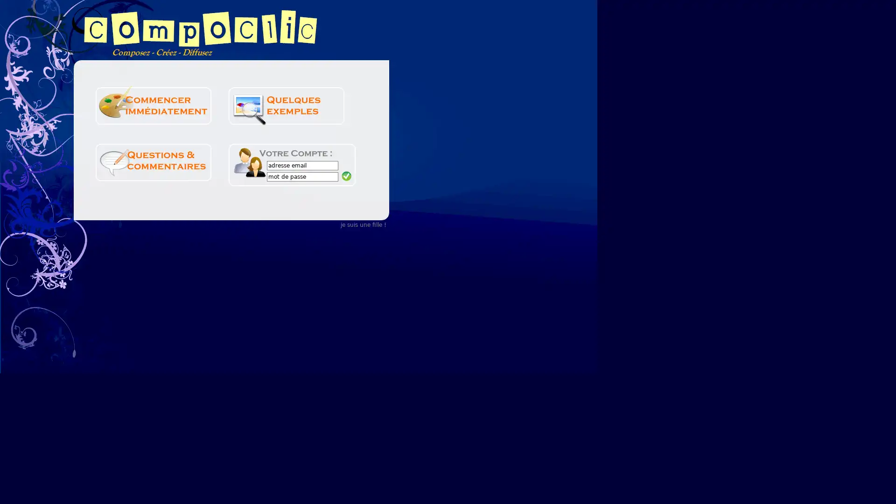 The height and width of the screenshot is (504, 896). I want to click on Submit, so click(346, 176).